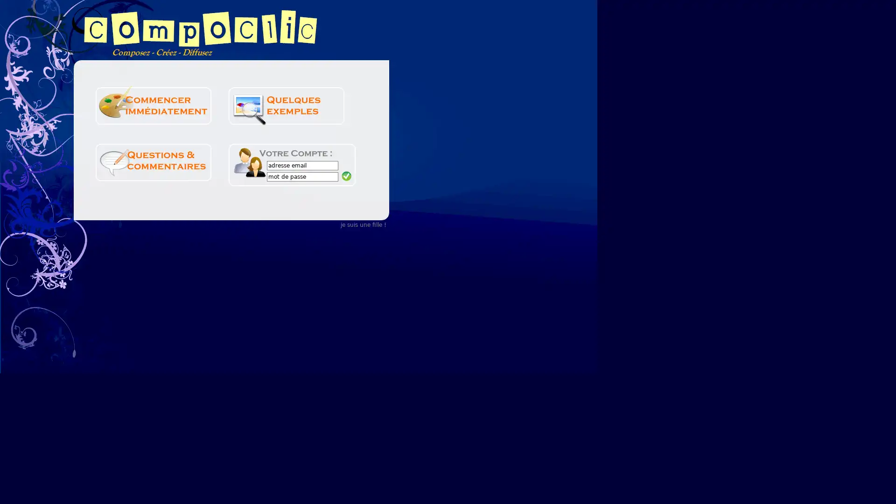 The height and width of the screenshot is (504, 896). I want to click on Submit, so click(346, 176).